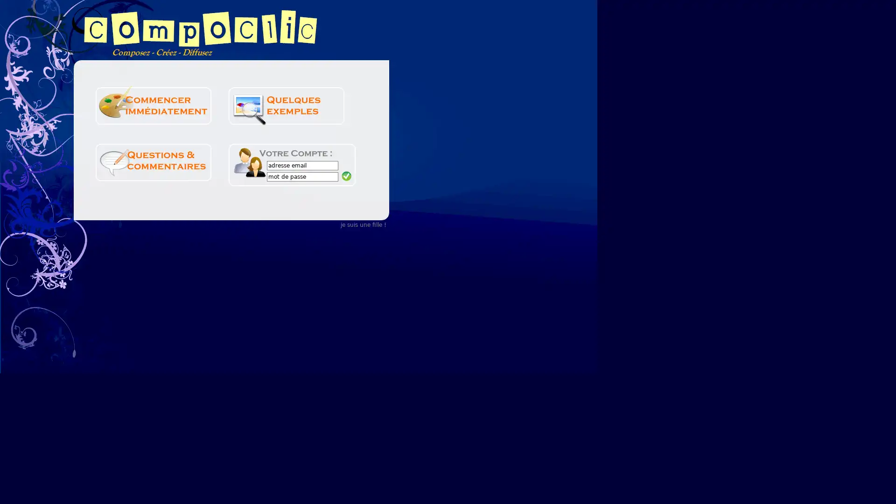 The height and width of the screenshot is (504, 896). I want to click on Submit, so click(346, 176).